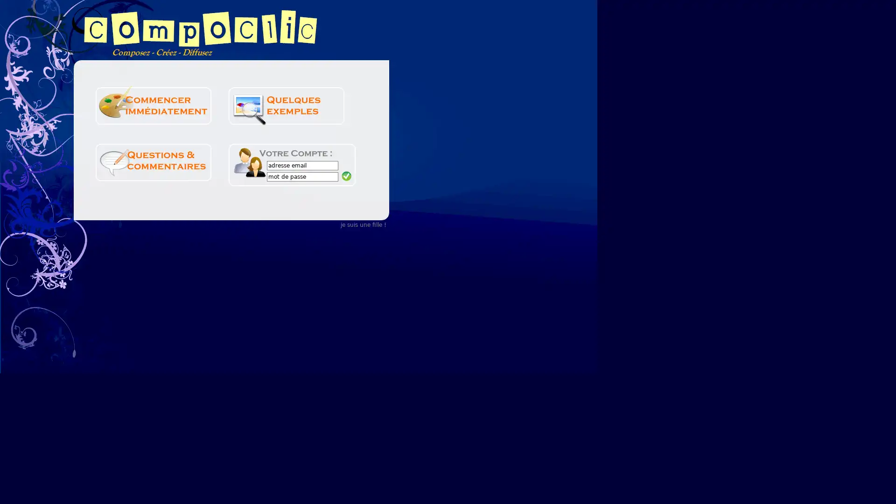 The height and width of the screenshot is (504, 896). I want to click on Submit, so click(346, 176).